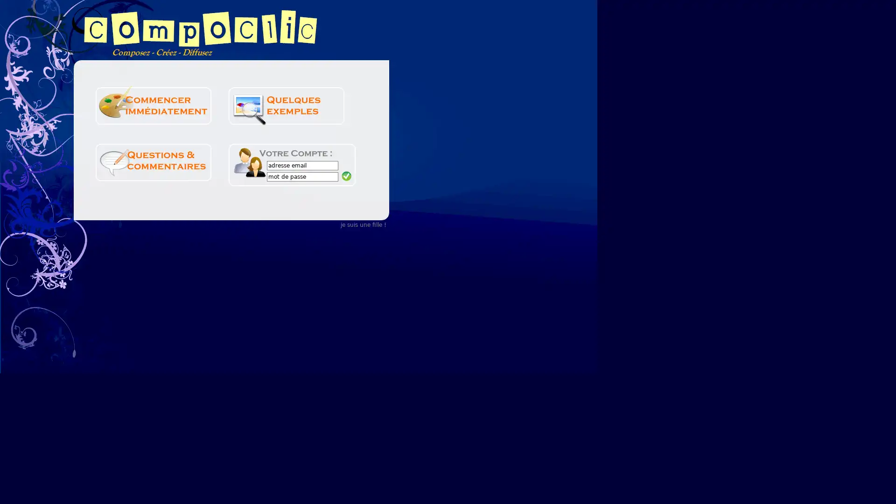 The height and width of the screenshot is (504, 896). I want to click on Submit, so click(346, 176).